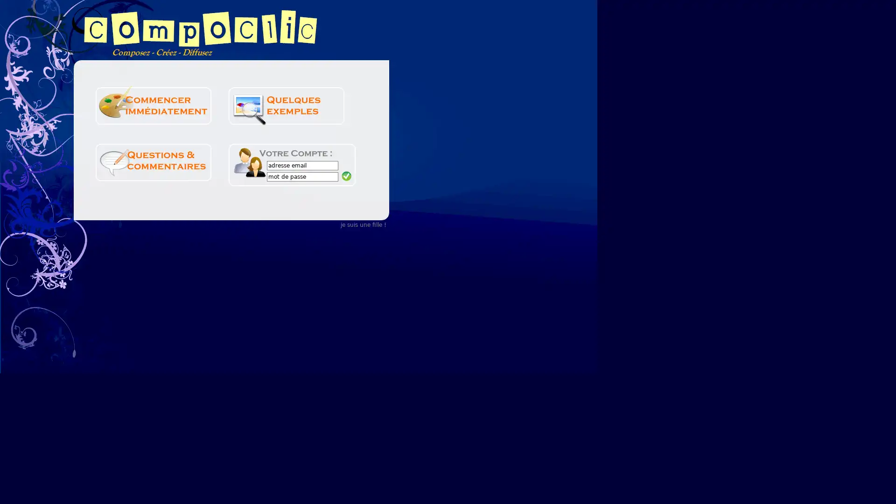 The height and width of the screenshot is (504, 896). I want to click on Submit, so click(346, 176).